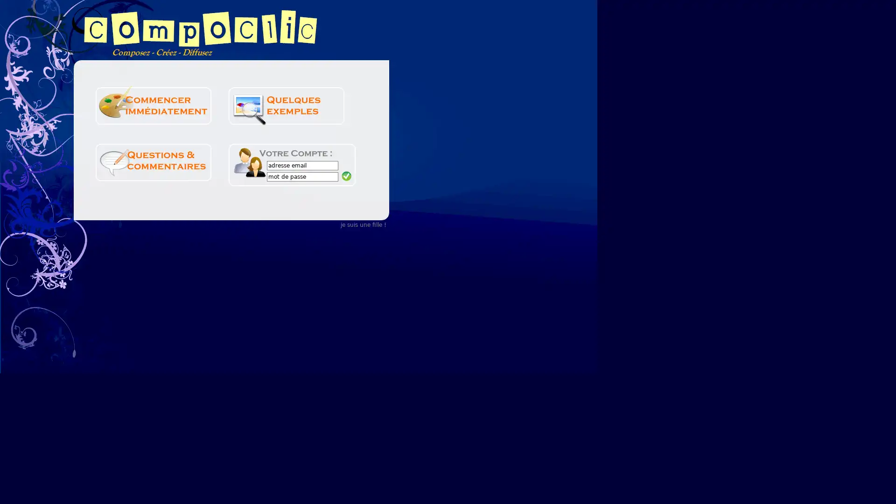 The height and width of the screenshot is (504, 896). I want to click on Submit, so click(346, 176).